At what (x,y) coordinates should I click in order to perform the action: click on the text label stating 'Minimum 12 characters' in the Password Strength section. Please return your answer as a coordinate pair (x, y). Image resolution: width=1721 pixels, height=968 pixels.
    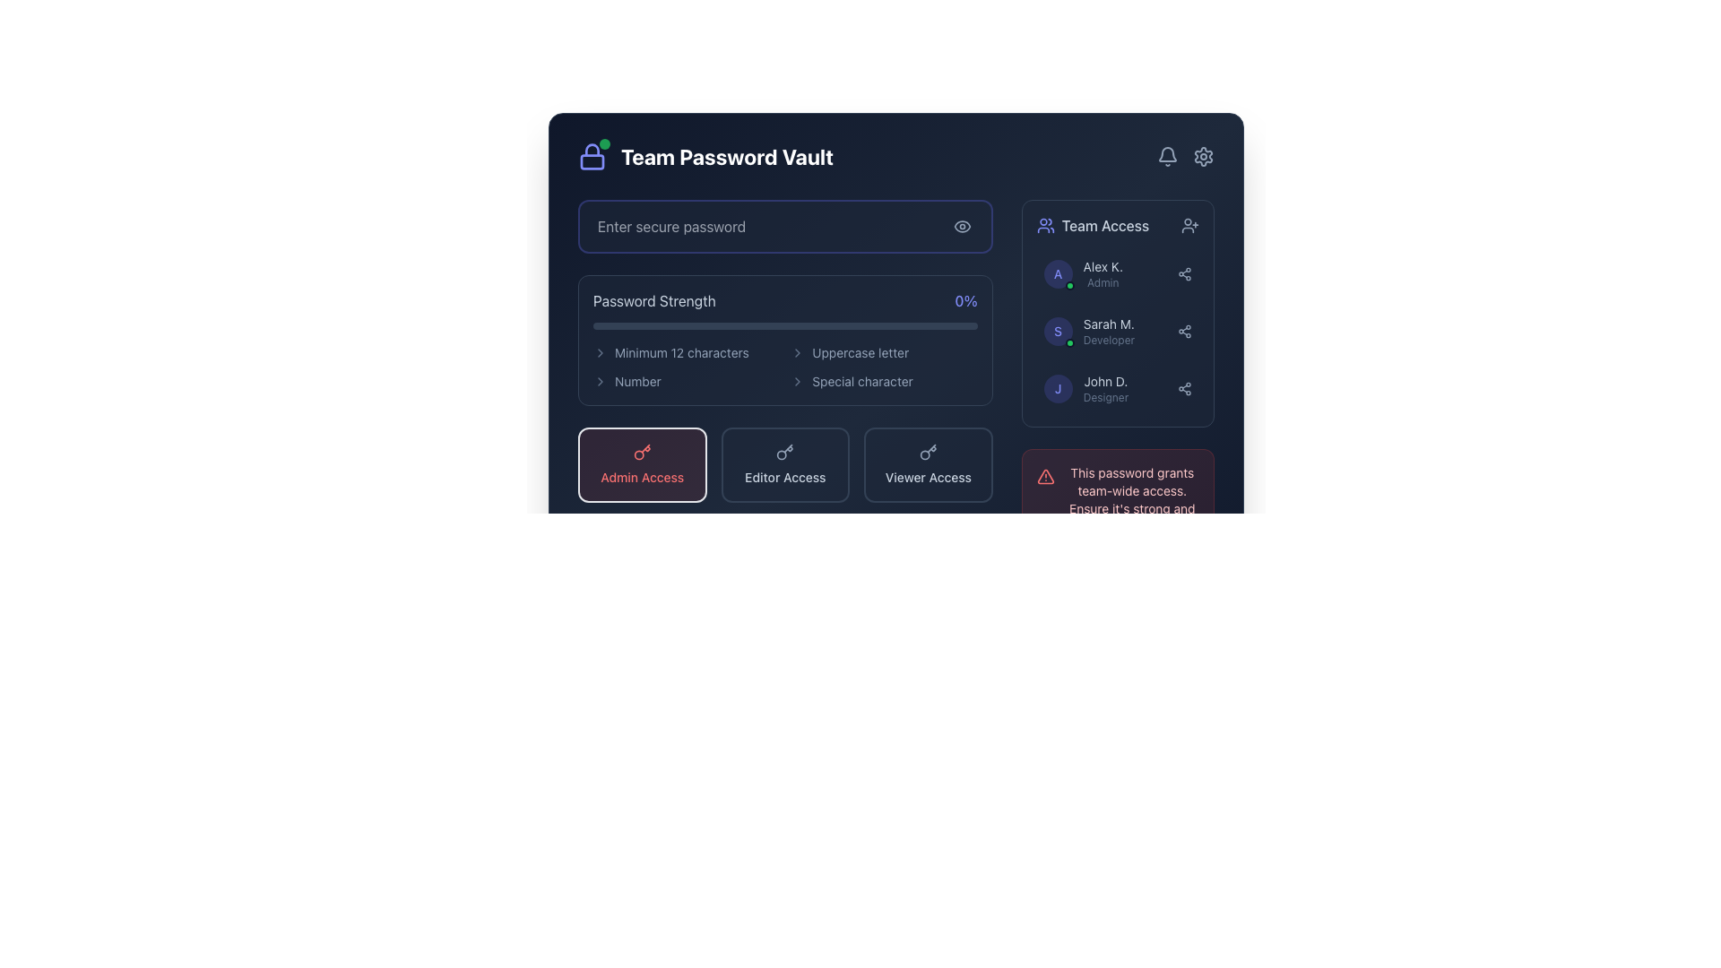
    Looking at the image, I should click on (686, 352).